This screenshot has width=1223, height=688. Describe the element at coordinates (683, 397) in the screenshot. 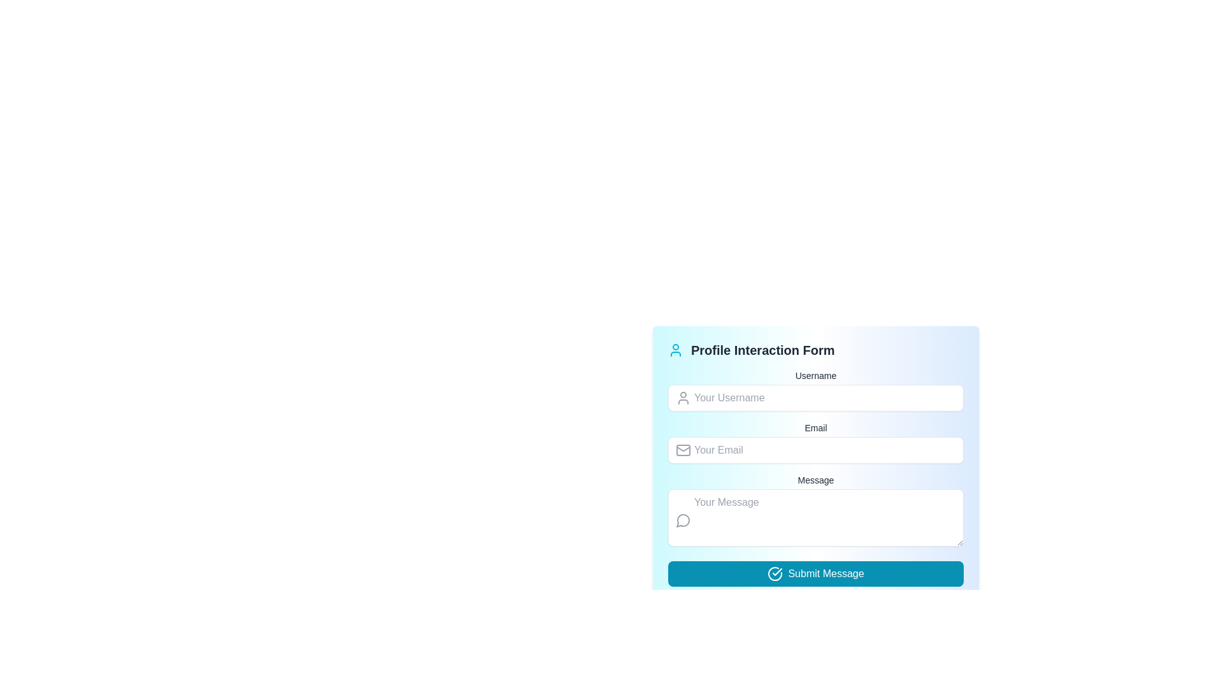

I see `the username icon, which is positioned to the left of the username input field` at that location.